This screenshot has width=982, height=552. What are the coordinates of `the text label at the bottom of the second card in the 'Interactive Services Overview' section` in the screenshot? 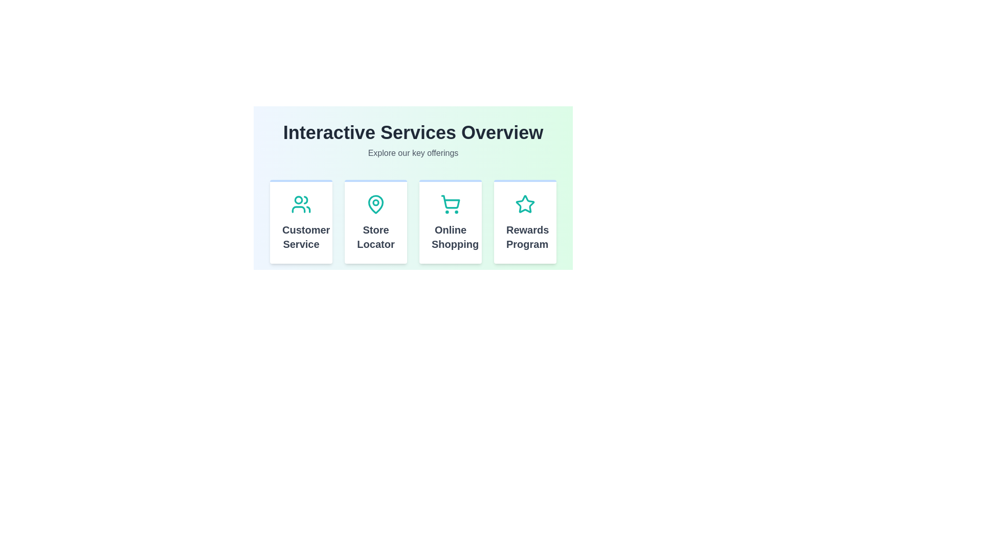 It's located at (375, 237).